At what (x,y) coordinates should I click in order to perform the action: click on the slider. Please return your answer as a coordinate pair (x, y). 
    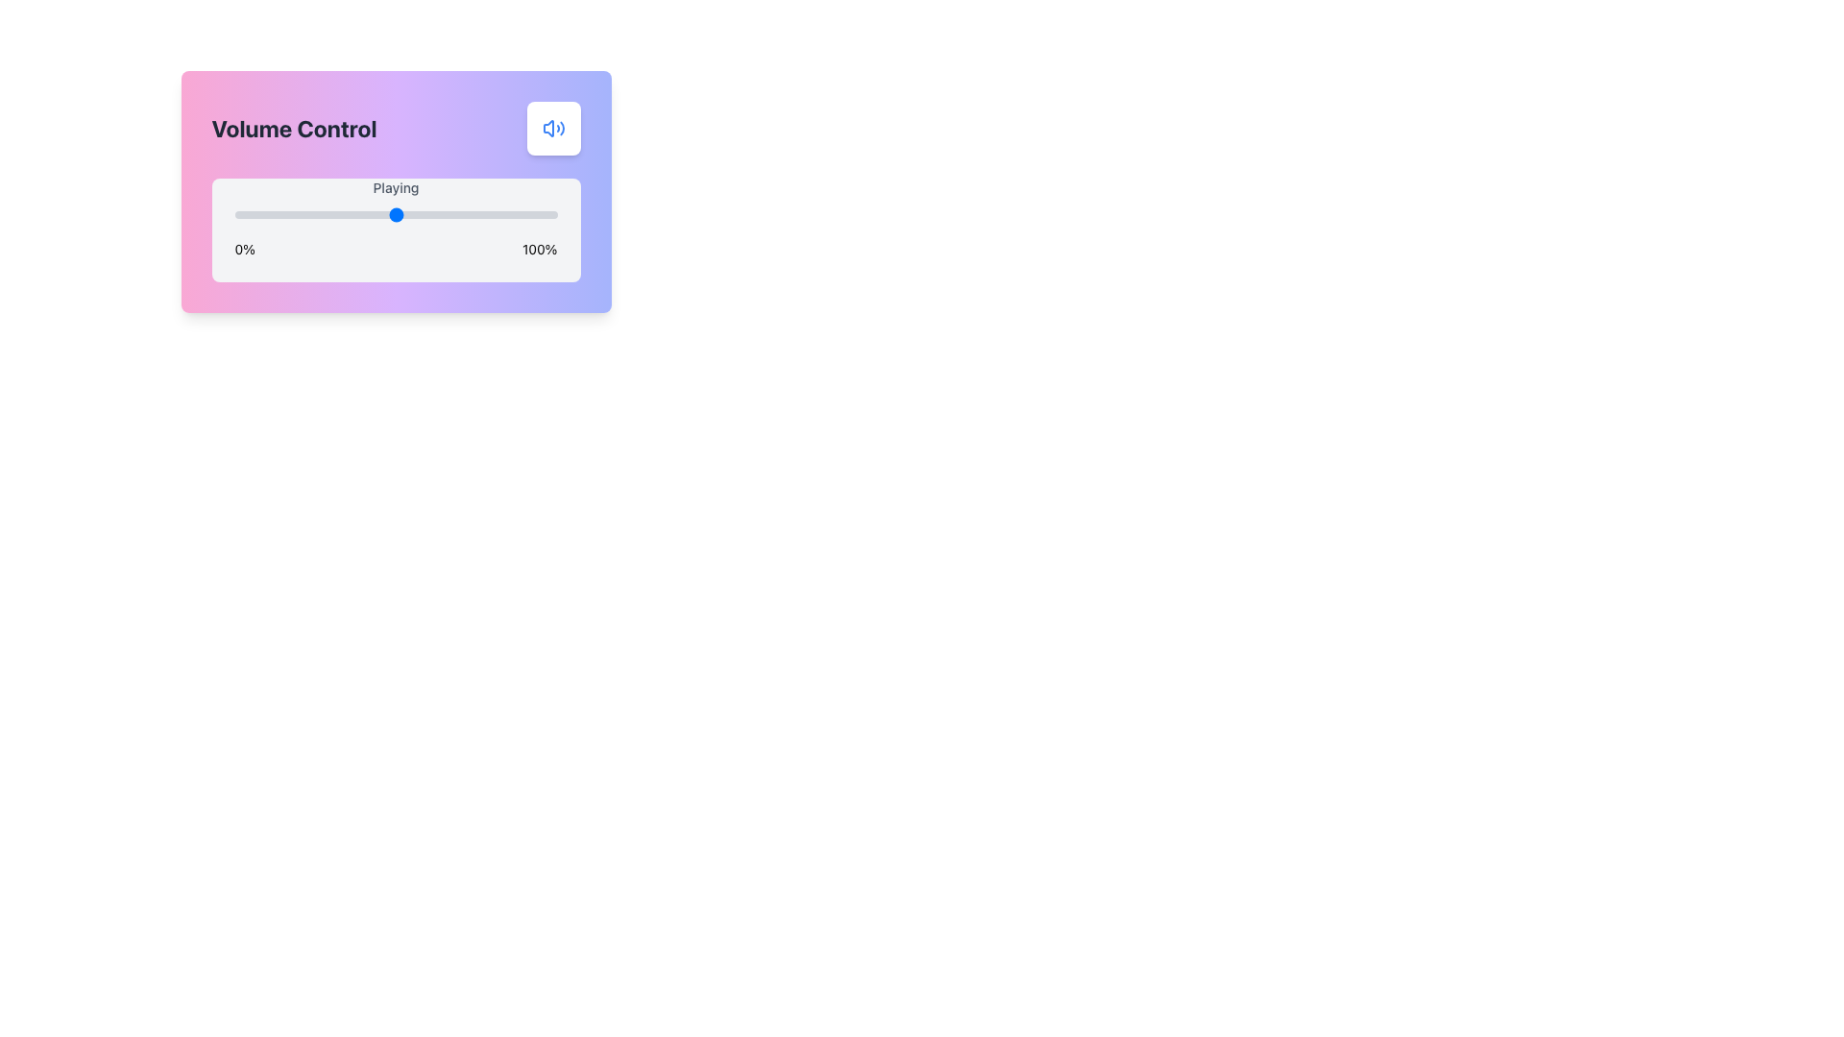
    Looking at the image, I should click on (549, 214).